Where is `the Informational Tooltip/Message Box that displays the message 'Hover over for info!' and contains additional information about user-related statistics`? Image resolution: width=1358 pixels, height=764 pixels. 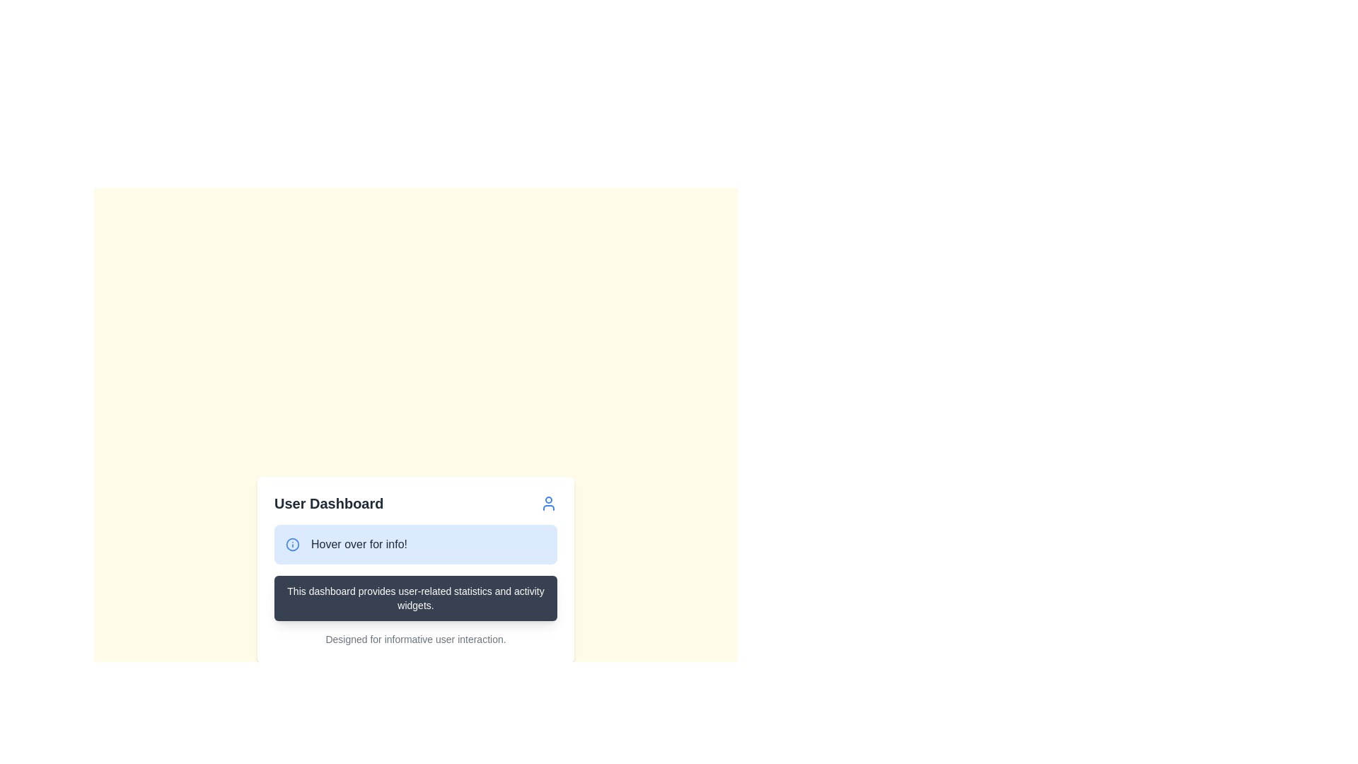
the Informational Tooltip/Message Box that displays the message 'Hover over for info!' and contains additional information about user-related statistics is located at coordinates (415, 573).